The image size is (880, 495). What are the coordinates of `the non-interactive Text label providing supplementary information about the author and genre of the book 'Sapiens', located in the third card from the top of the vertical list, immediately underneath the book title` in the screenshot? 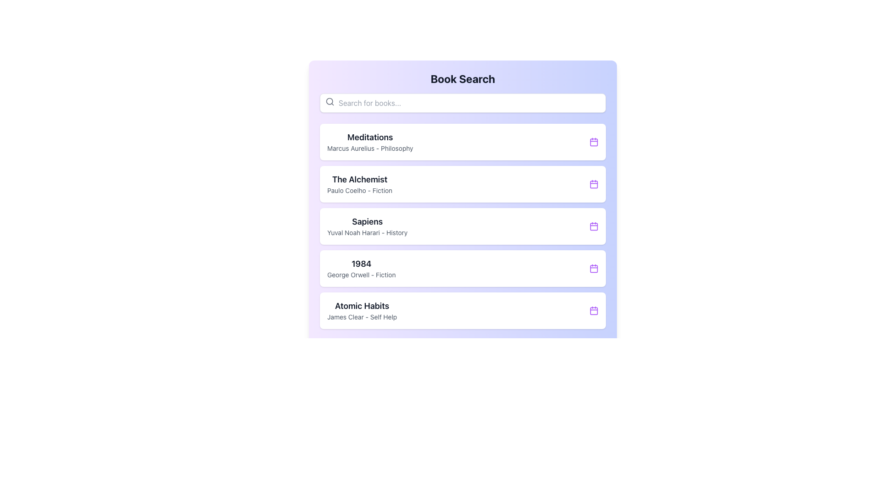 It's located at (367, 232).